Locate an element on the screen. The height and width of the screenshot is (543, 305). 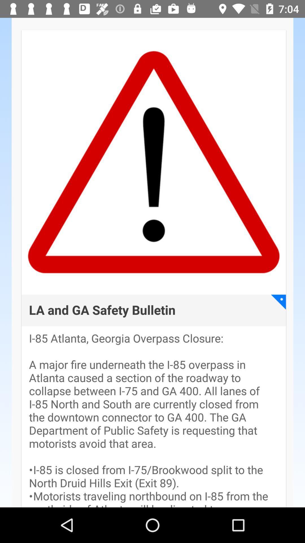
i 85 atlanta app is located at coordinates (154, 420).